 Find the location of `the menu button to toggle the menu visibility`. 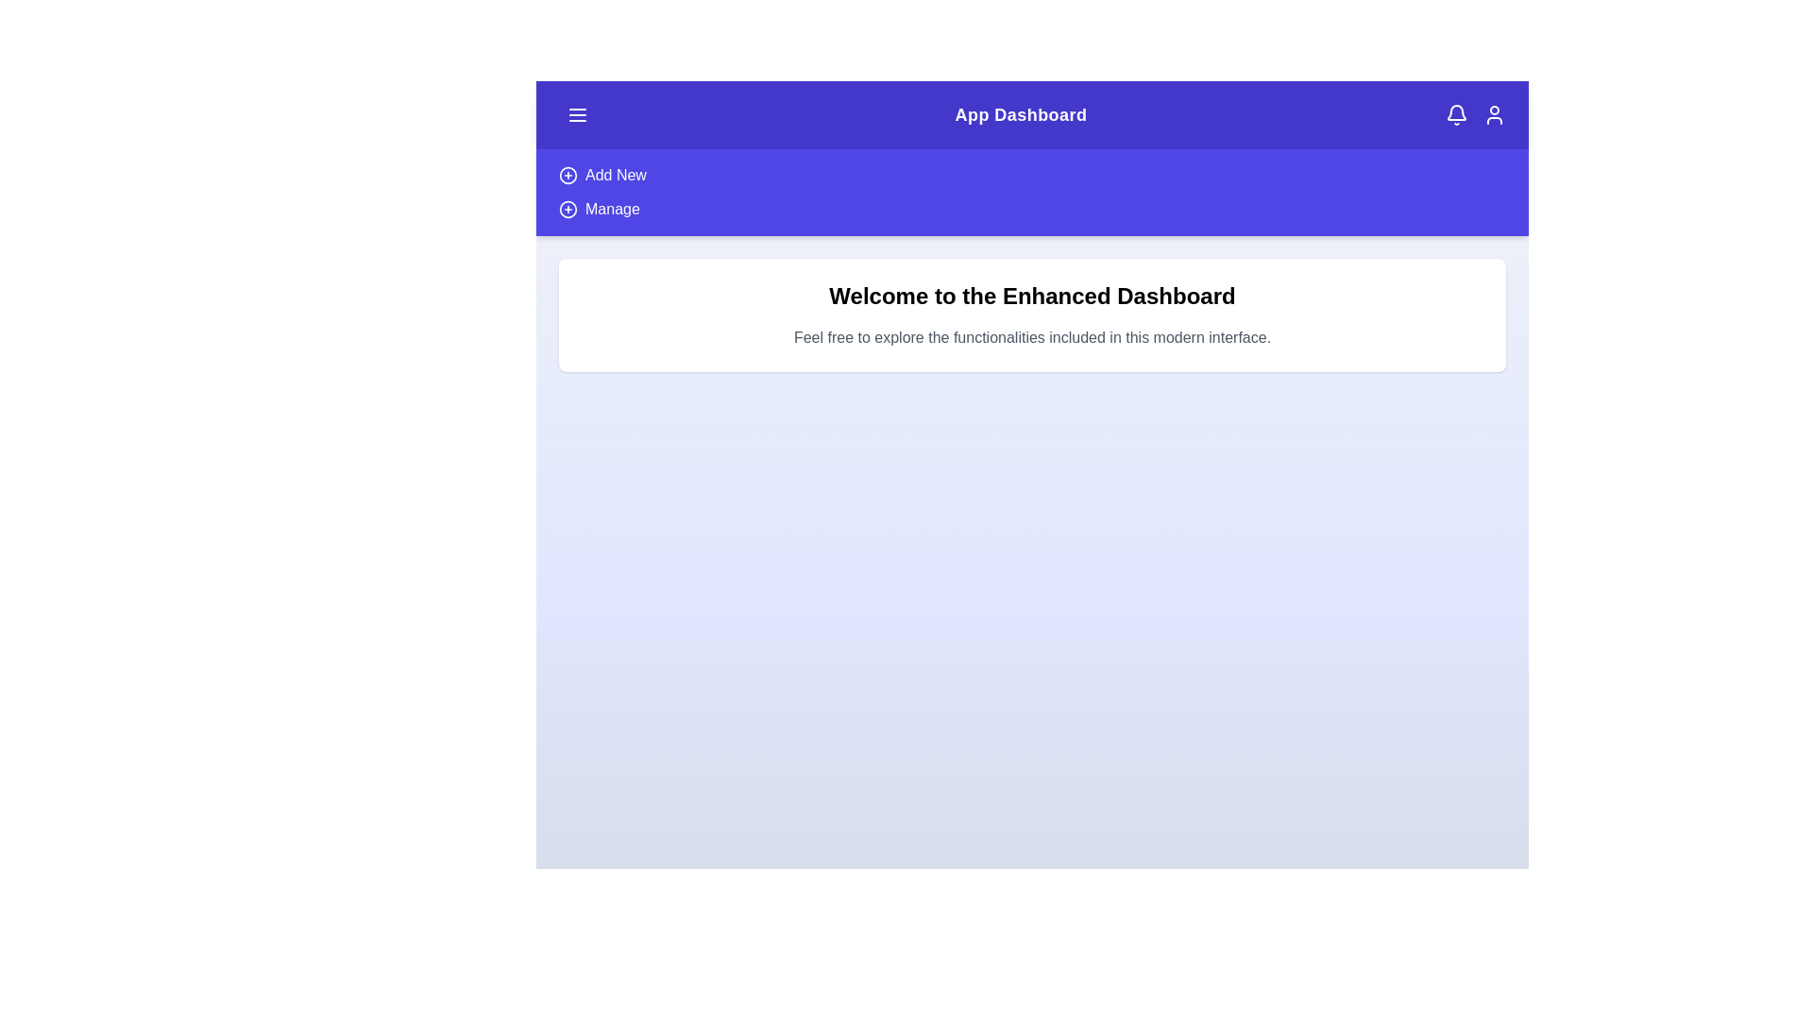

the menu button to toggle the menu visibility is located at coordinates (576, 115).